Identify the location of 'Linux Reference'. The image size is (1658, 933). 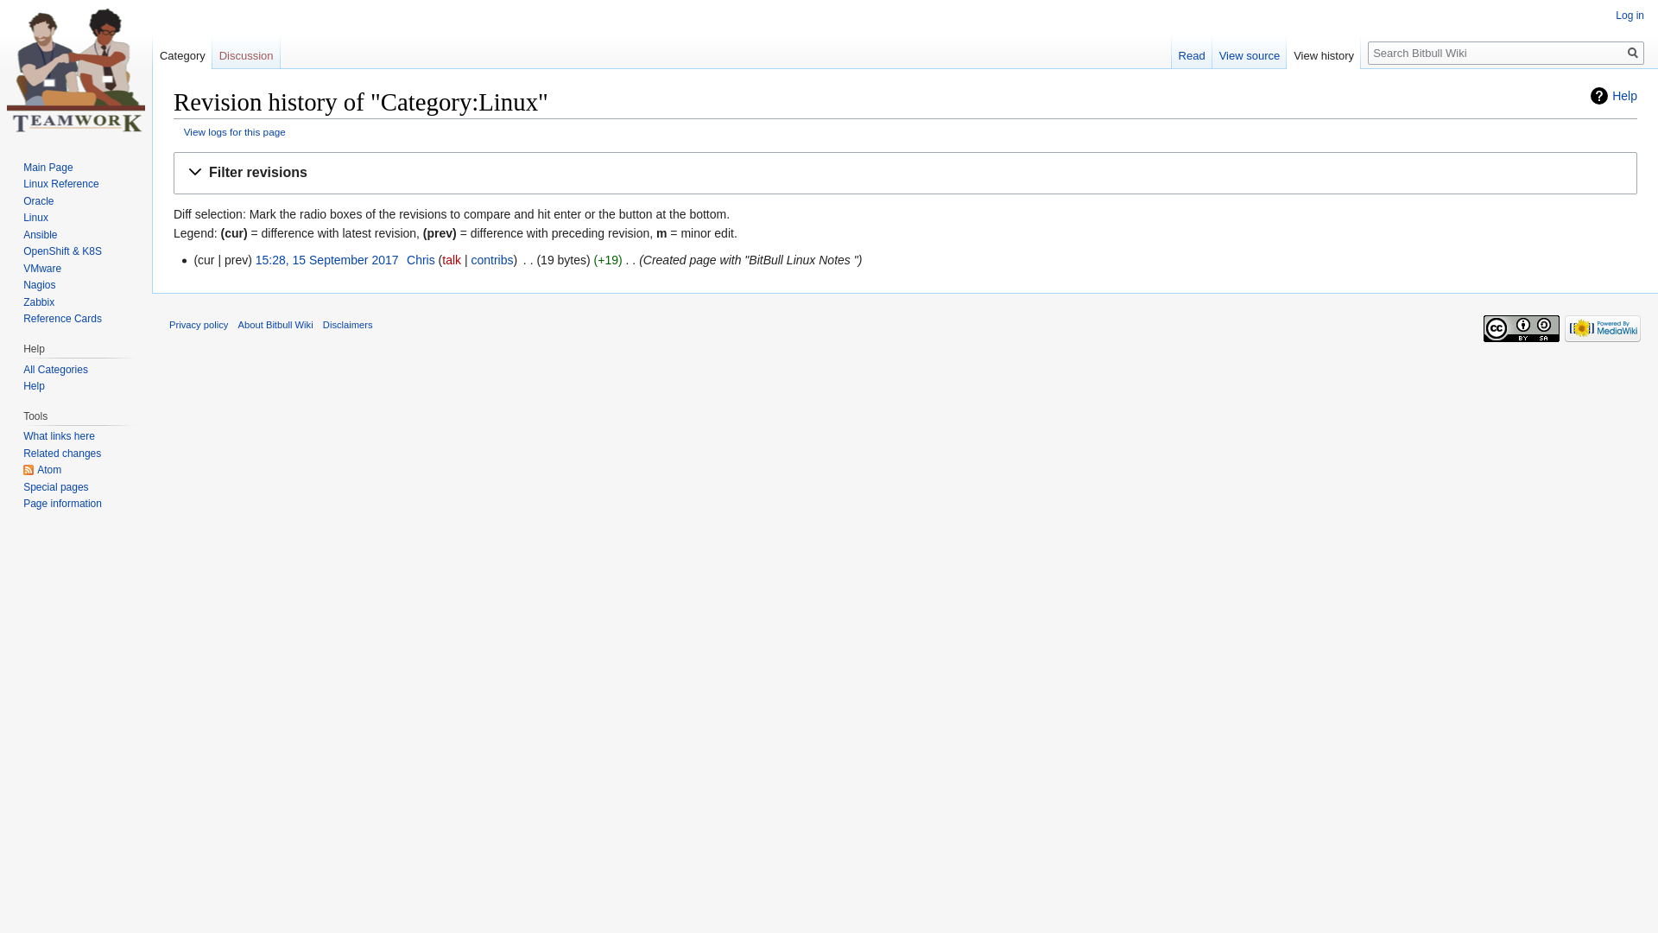
(23, 183).